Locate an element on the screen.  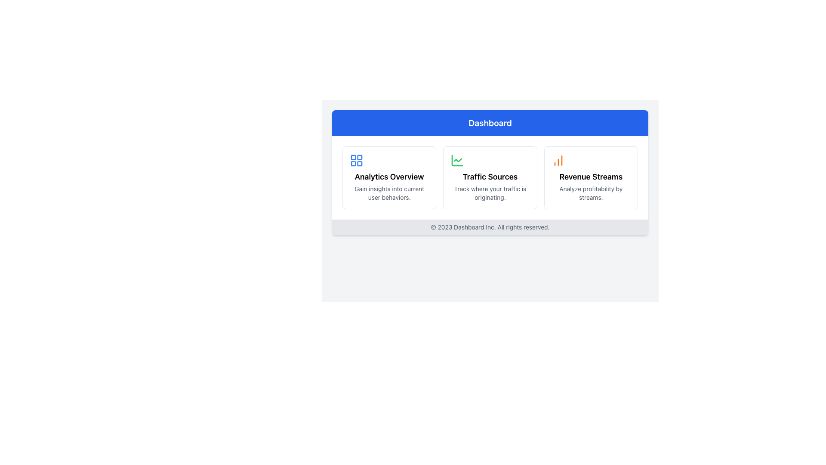
the Information card titled 'Analytics Overview' which features a white background, an icon in the top-left corner, and a subtitle 'Gain insights into current user behaviors' is located at coordinates (389, 177).